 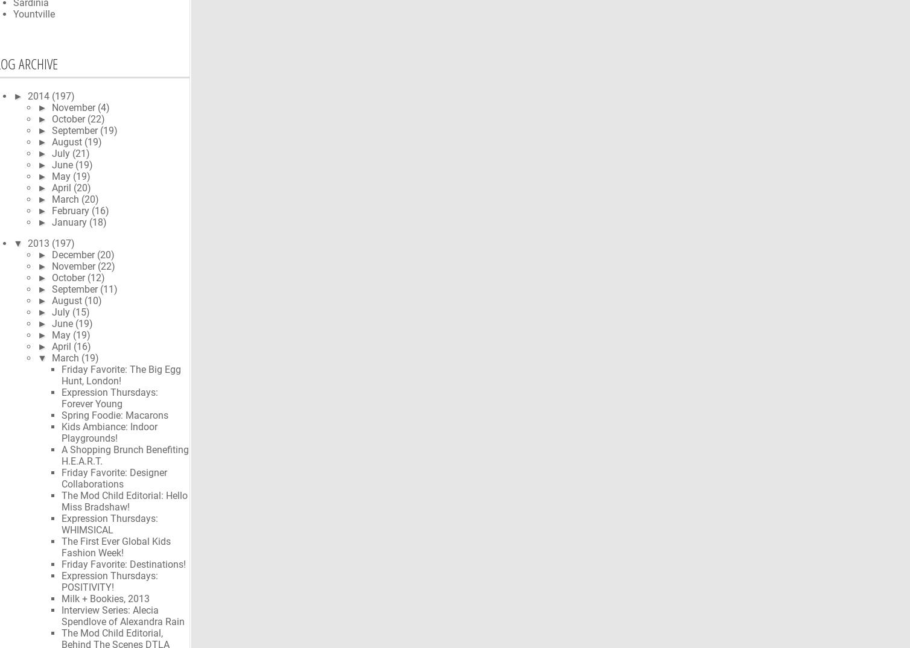 I want to click on 'The First Ever Global Kids Fashion Week!', so click(x=61, y=546).